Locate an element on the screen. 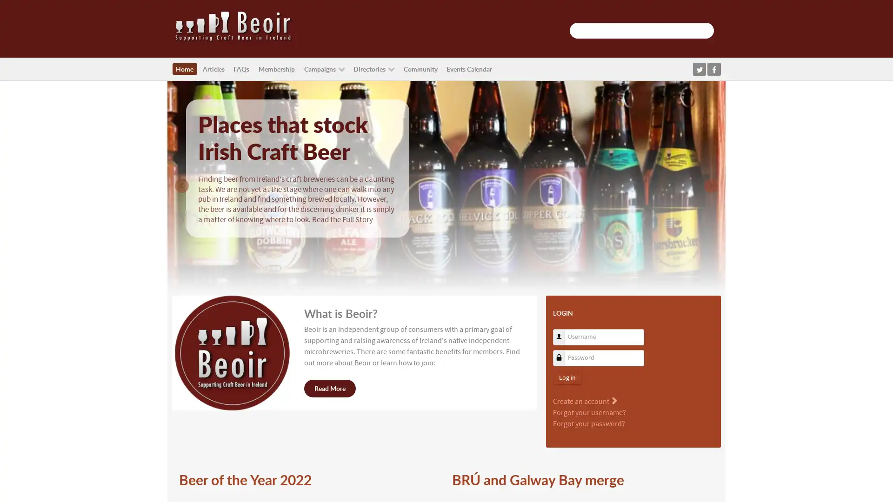  Log in is located at coordinates (566, 378).